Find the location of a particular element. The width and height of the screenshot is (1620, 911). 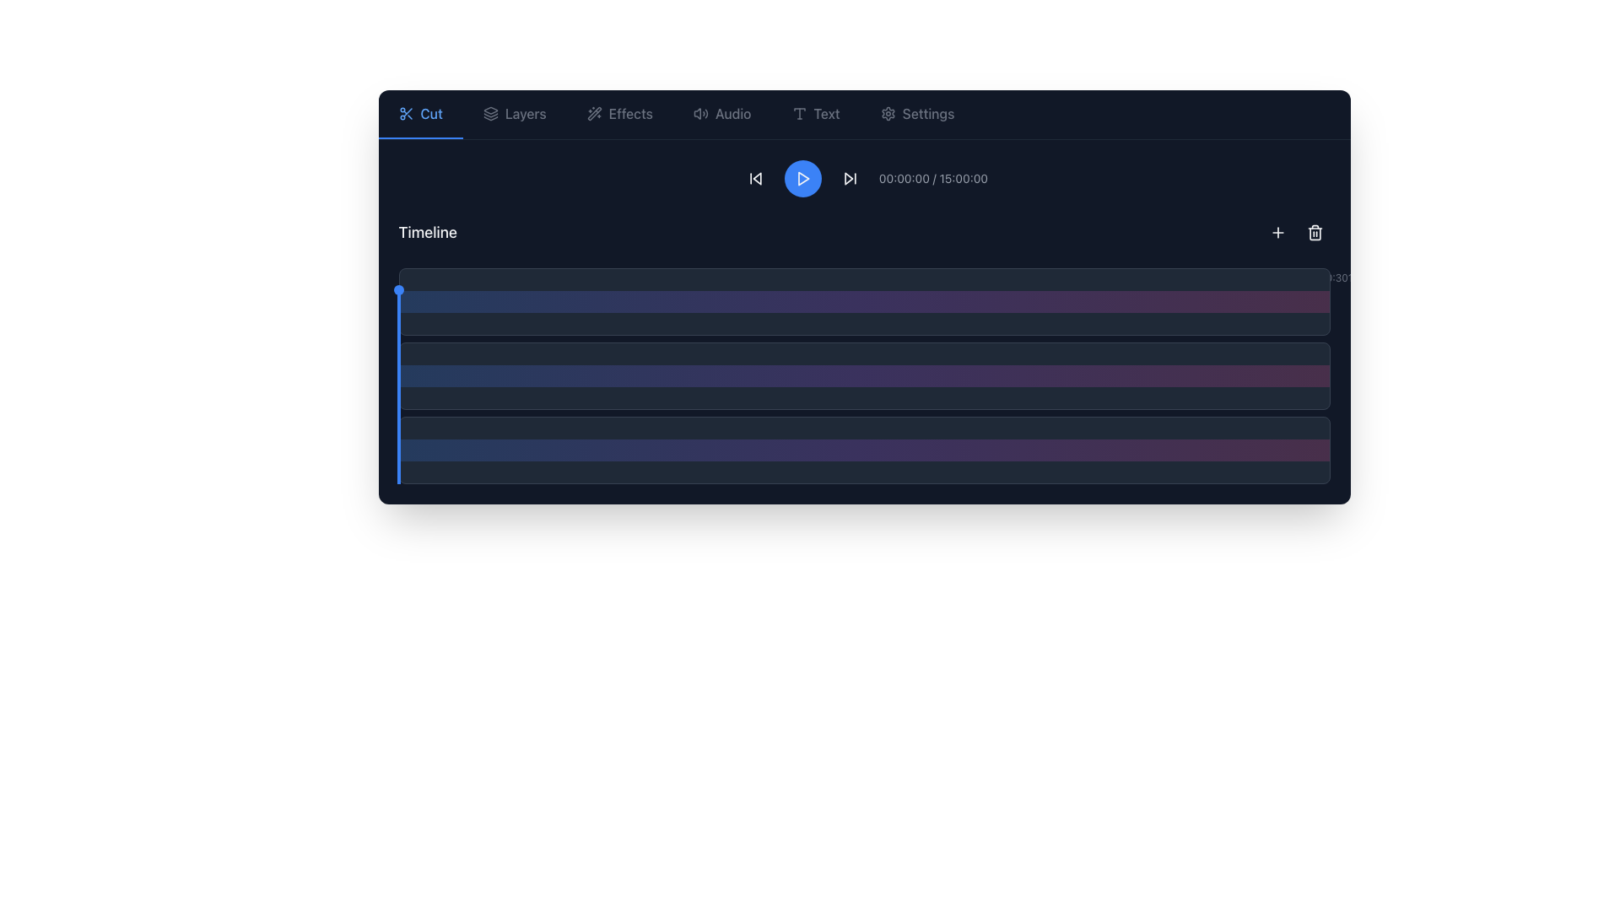

the Text label displaying the time '4:15', which is styled with a light color on a dark background and positioned as the eighteenth time indicator in the timeline interface is located at coordinates (782, 278).